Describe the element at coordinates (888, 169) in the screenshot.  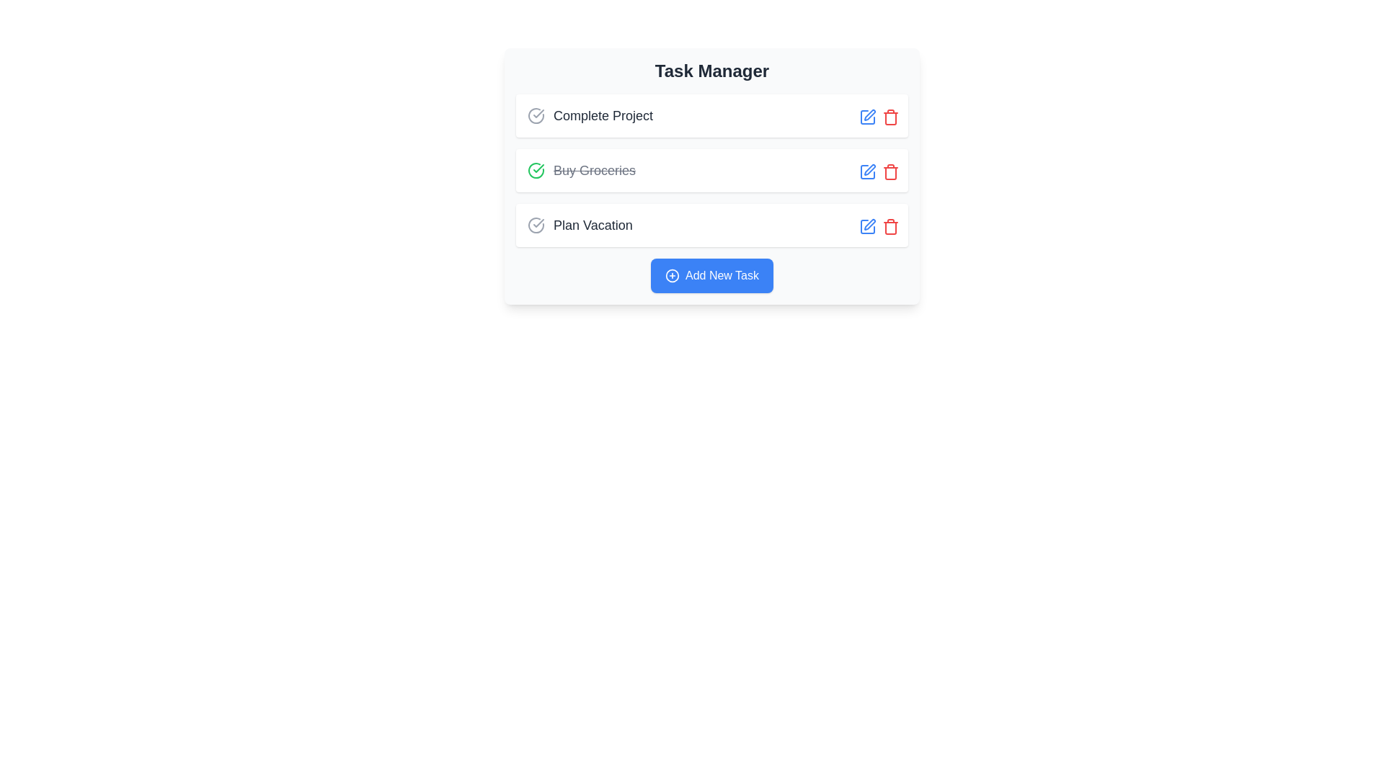
I see `the red trash bin icon, which is the third icon in a horizontal set of three actions at the far-right side of the 'Buy Groceries' task item` at that location.